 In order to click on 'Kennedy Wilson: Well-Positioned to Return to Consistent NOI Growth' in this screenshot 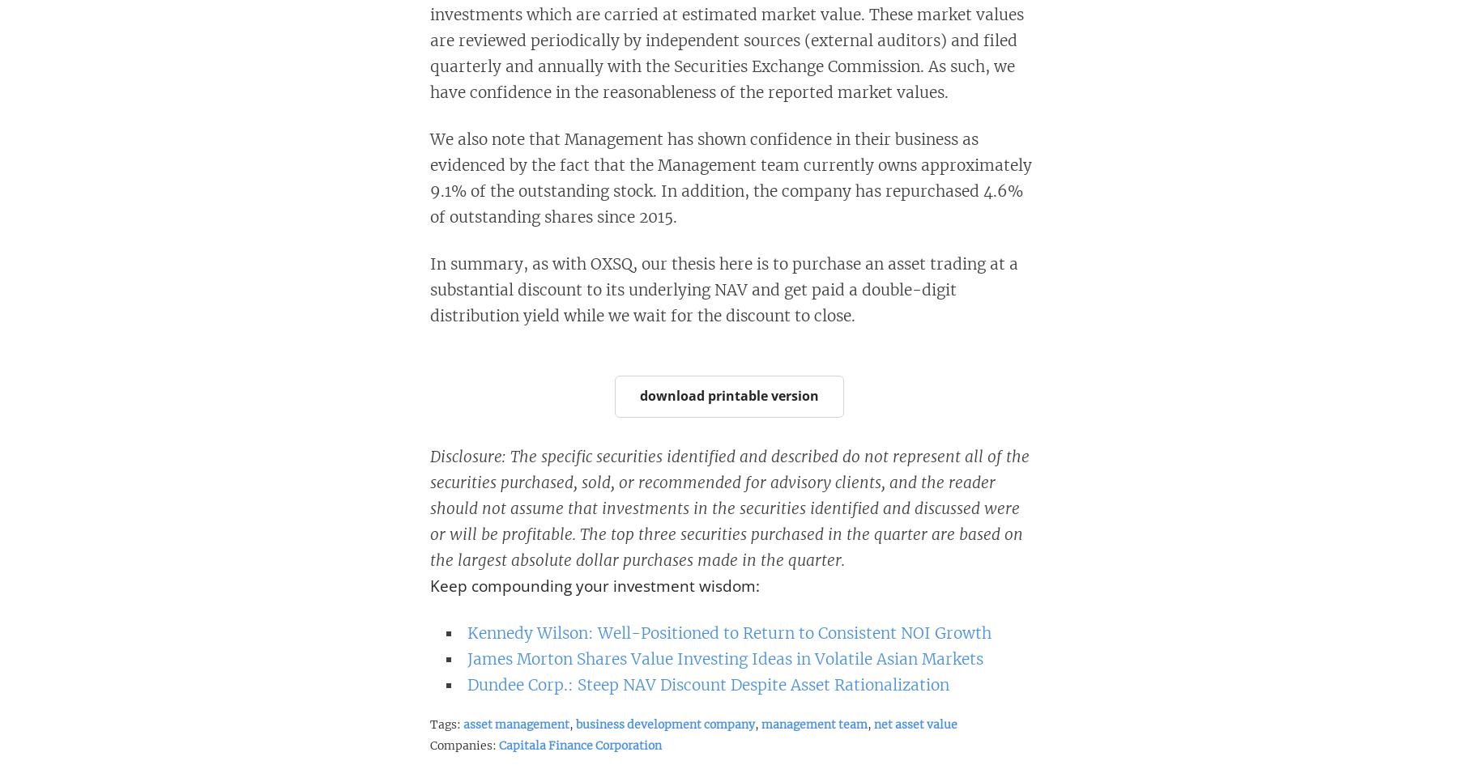, I will do `click(466, 631)`.